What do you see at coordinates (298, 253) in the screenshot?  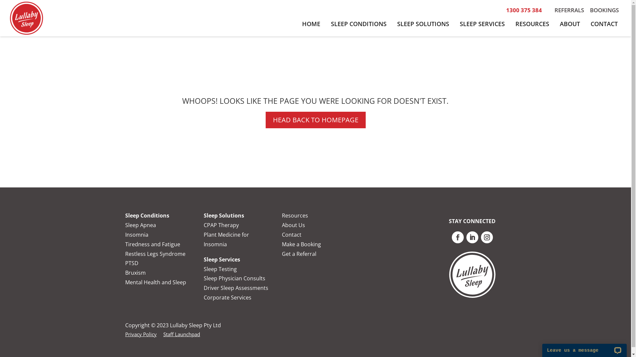 I see `'Get a Referral'` at bounding box center [298, 253].